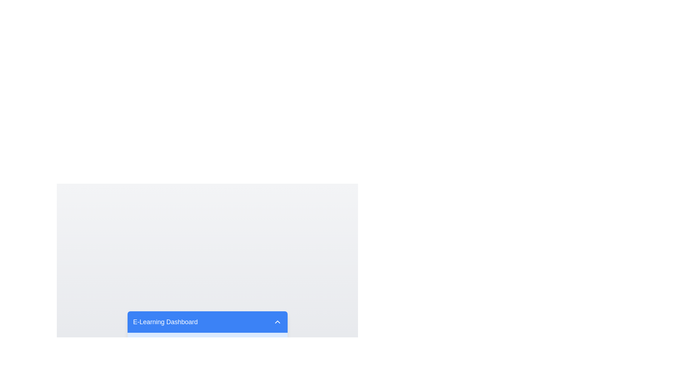 The width and height of the screenshot is (686, 386). What do you see at coordinates (277, 322) in the screenshot?
I see `the downward-facing chevron icon button on the right end of the blue title bar labeled 'E-Learning Dashboard'` at bounding box center [277, 322].